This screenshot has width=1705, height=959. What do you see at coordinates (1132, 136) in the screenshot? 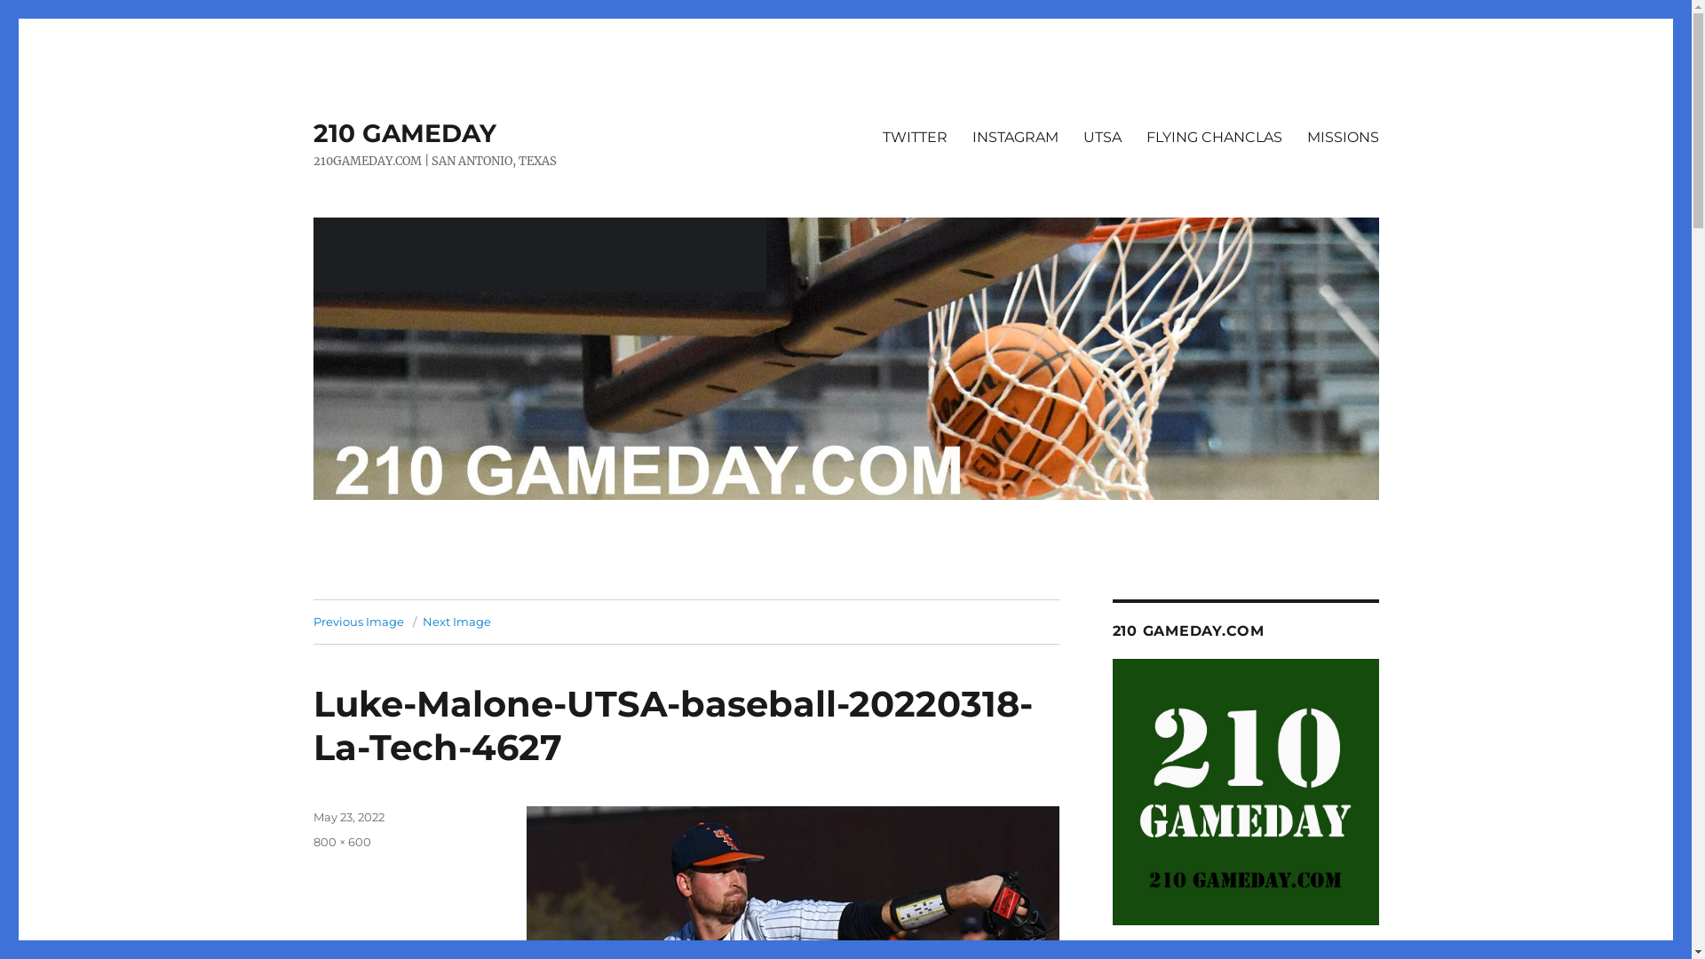
I see `'FLYING CHANCLAS'` at bounding box center [1132, 136].